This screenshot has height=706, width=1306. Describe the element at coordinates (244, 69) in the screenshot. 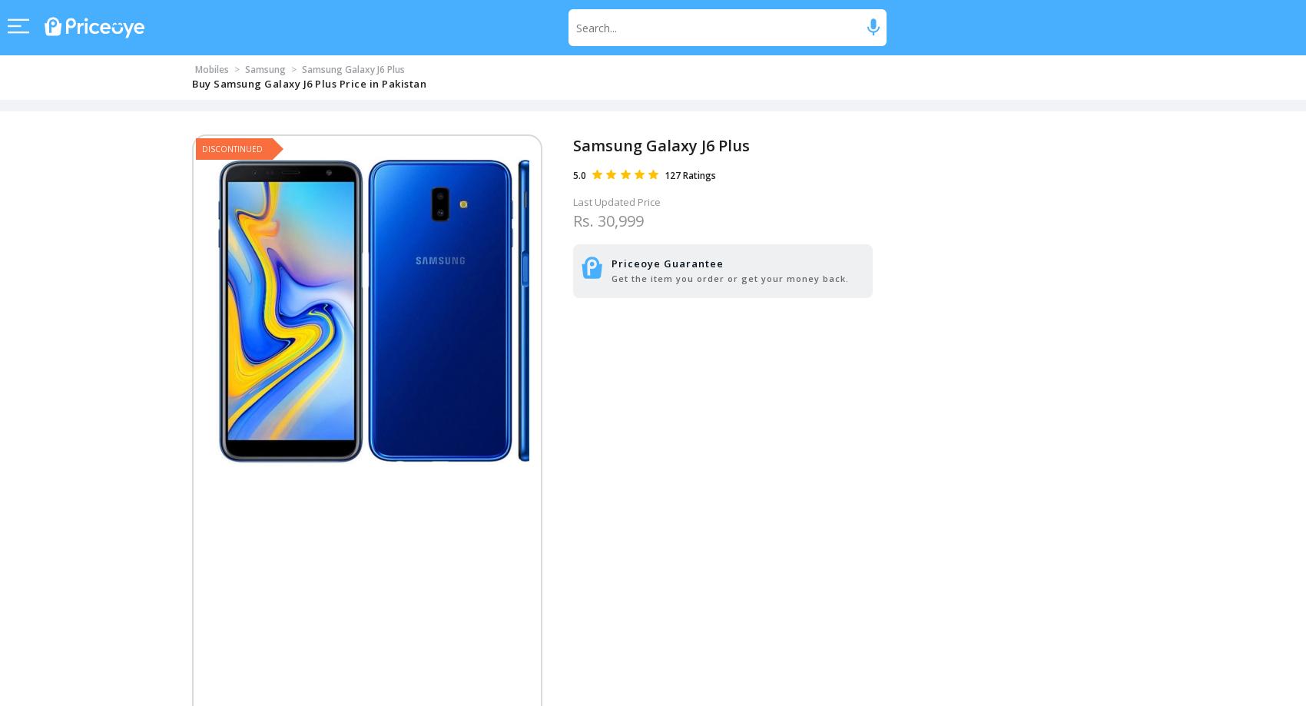

I see `'Samsung'` at that location.